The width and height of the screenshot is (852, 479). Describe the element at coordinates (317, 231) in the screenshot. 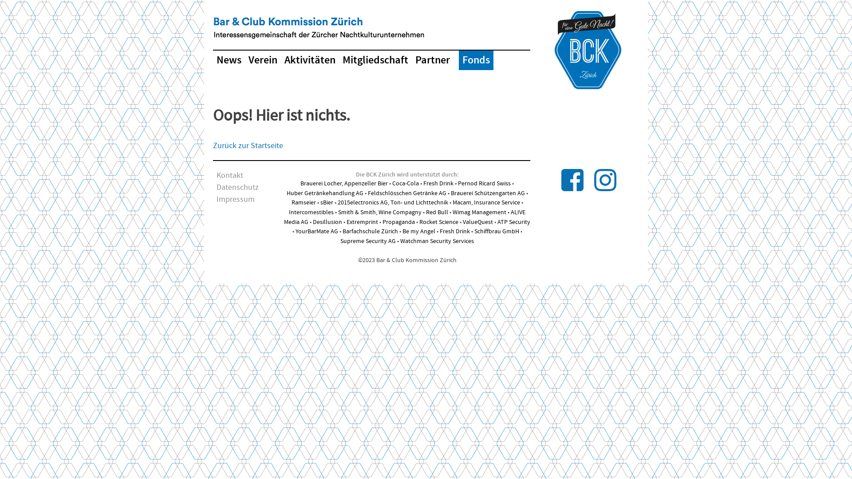

I see `'YourBarMate AG'` at that location.